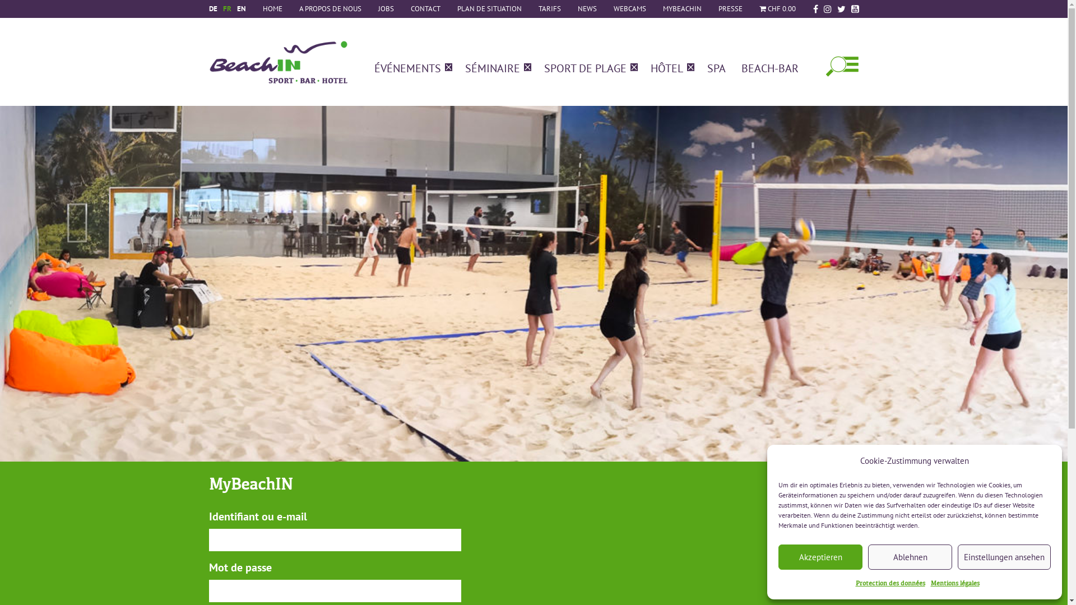 This screenshot has height=605, width=1076. What do you see at coordinates (386, 8) in the screenshot?
I see `'JOBS'` at bounding box center [386, 8].